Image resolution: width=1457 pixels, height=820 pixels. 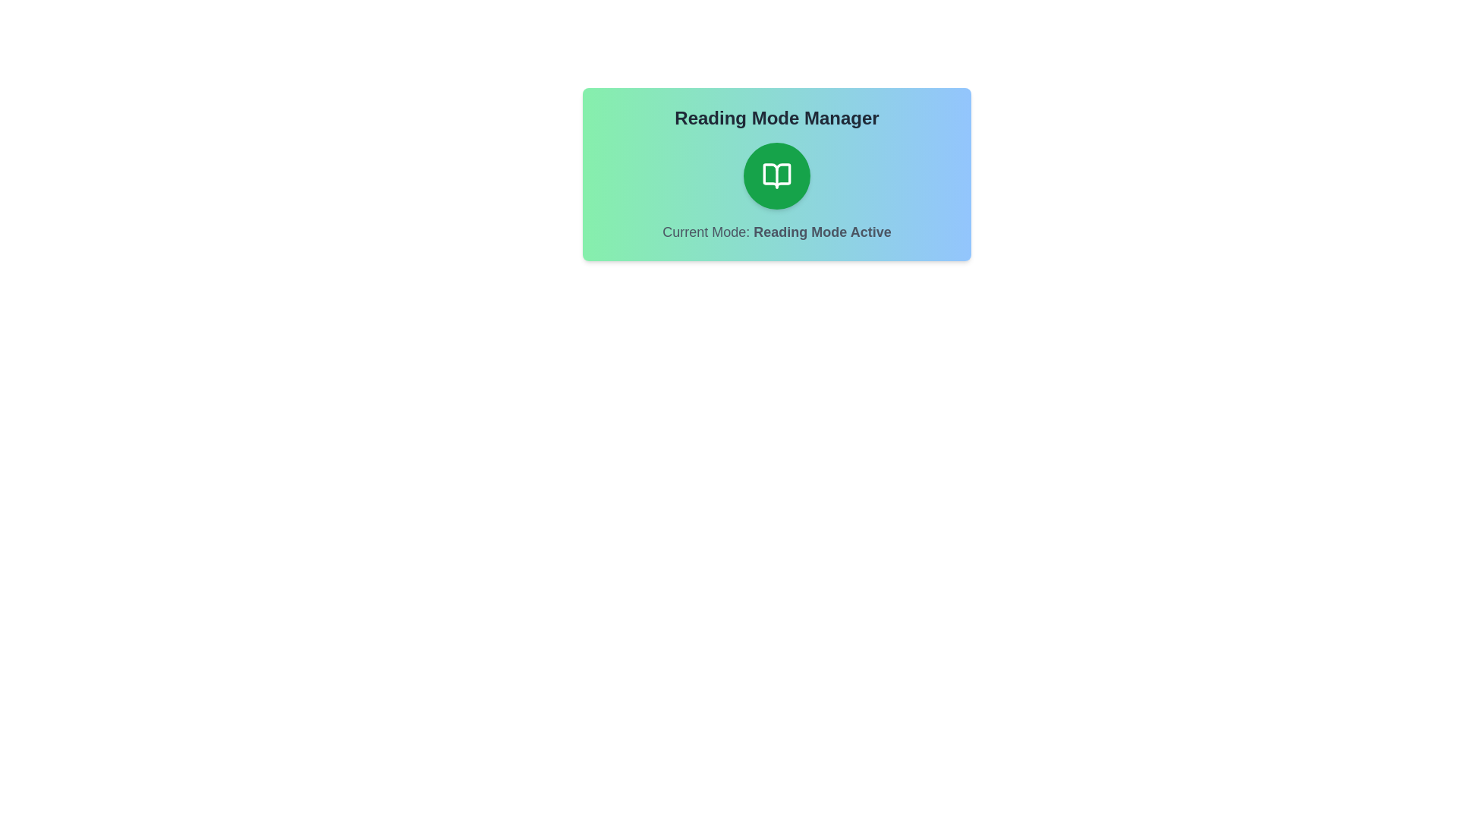 I want to click on the toggle button to switch the reading mode, so click(x=776, y=175).